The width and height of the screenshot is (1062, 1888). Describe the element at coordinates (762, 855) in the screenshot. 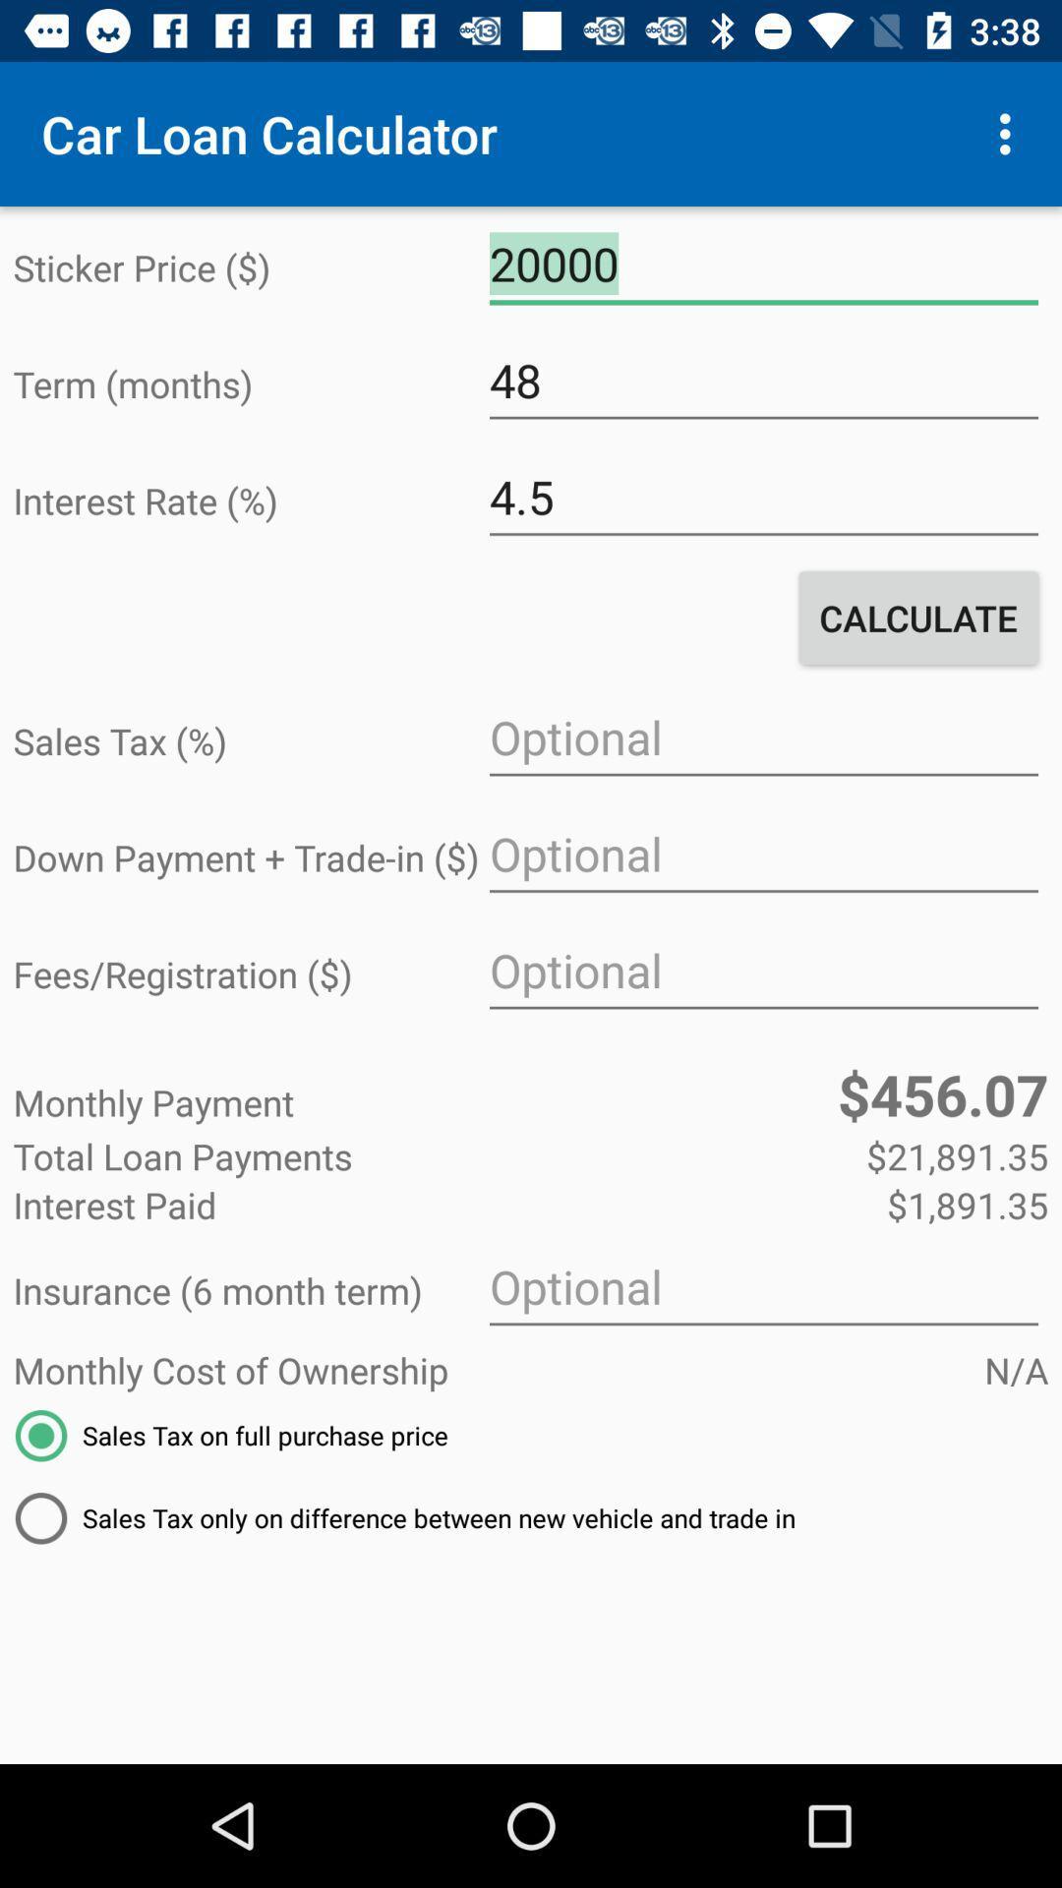

I see `down payment amount` at that location.